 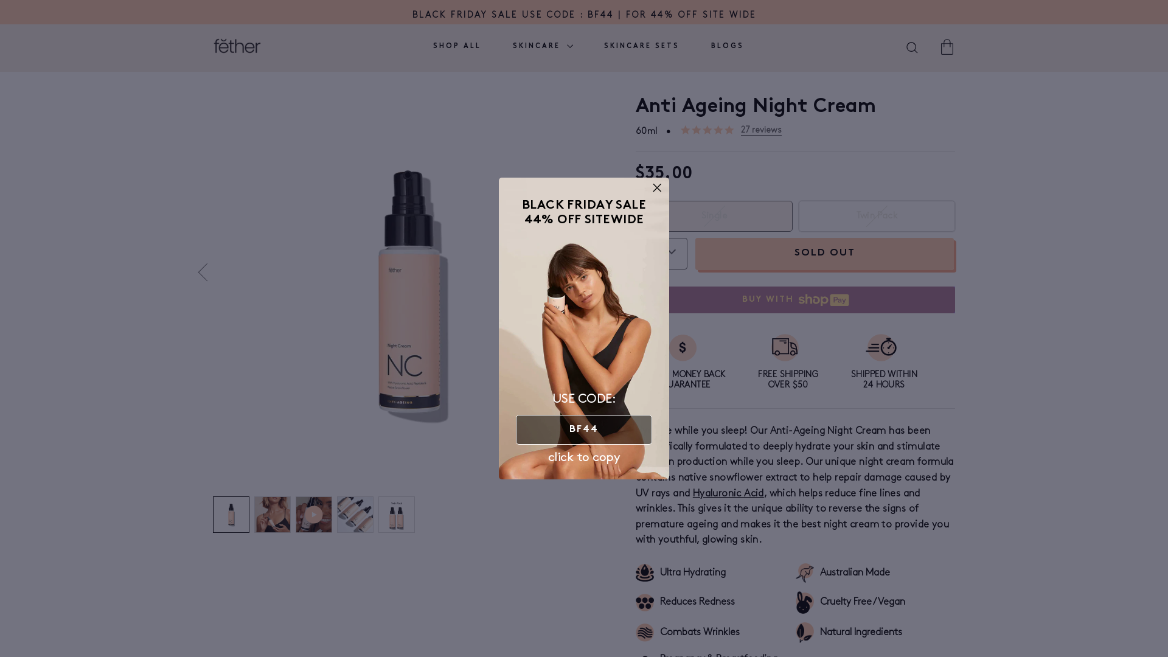 I want to click on 'Hyaluronic Acid', so click(x=728, y=493).